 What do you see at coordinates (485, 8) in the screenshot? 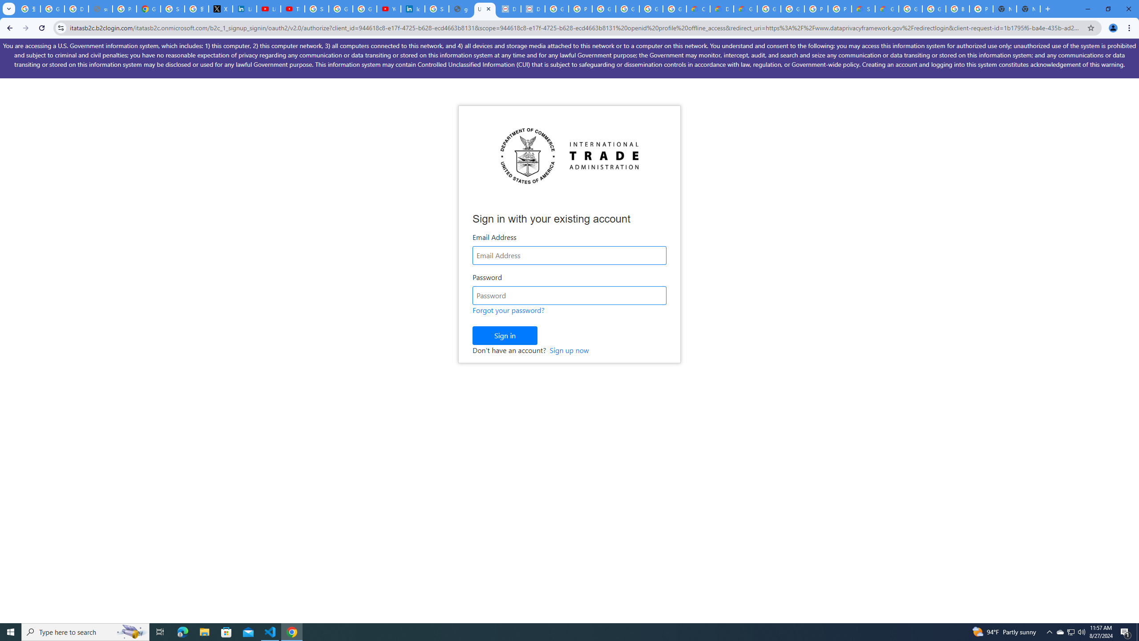
I see `'User Details'` at bounding box center [485, 8].